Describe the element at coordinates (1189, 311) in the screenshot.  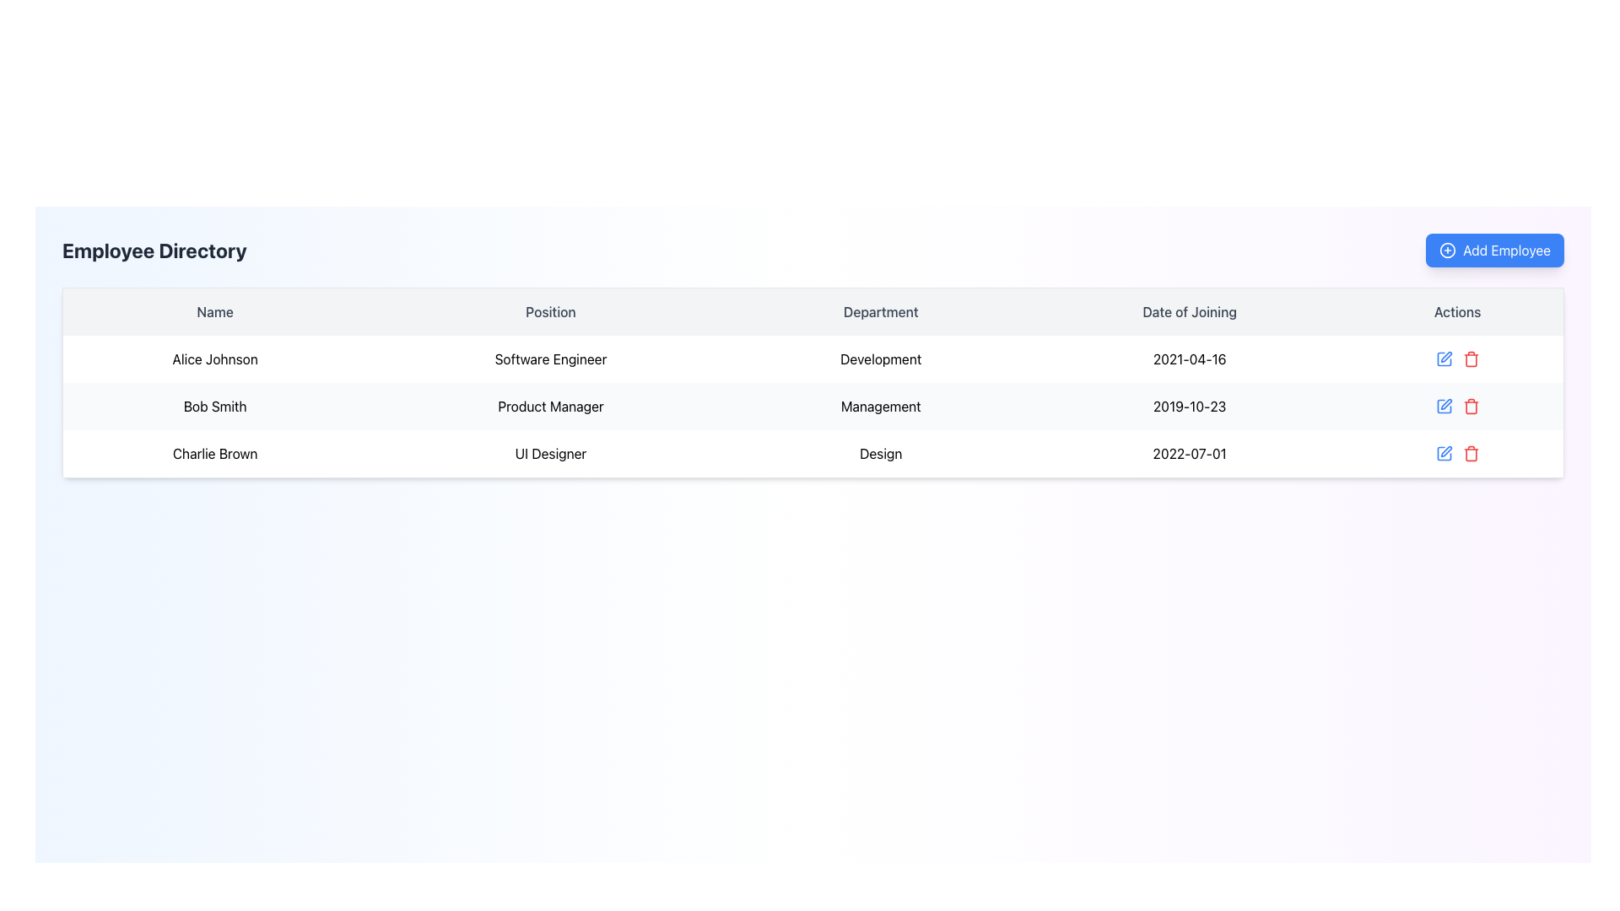
I see `the text label 'Date of Joining' located in the fourth column of the table header, positioned between 'Department' and 'Actions'` at that location.